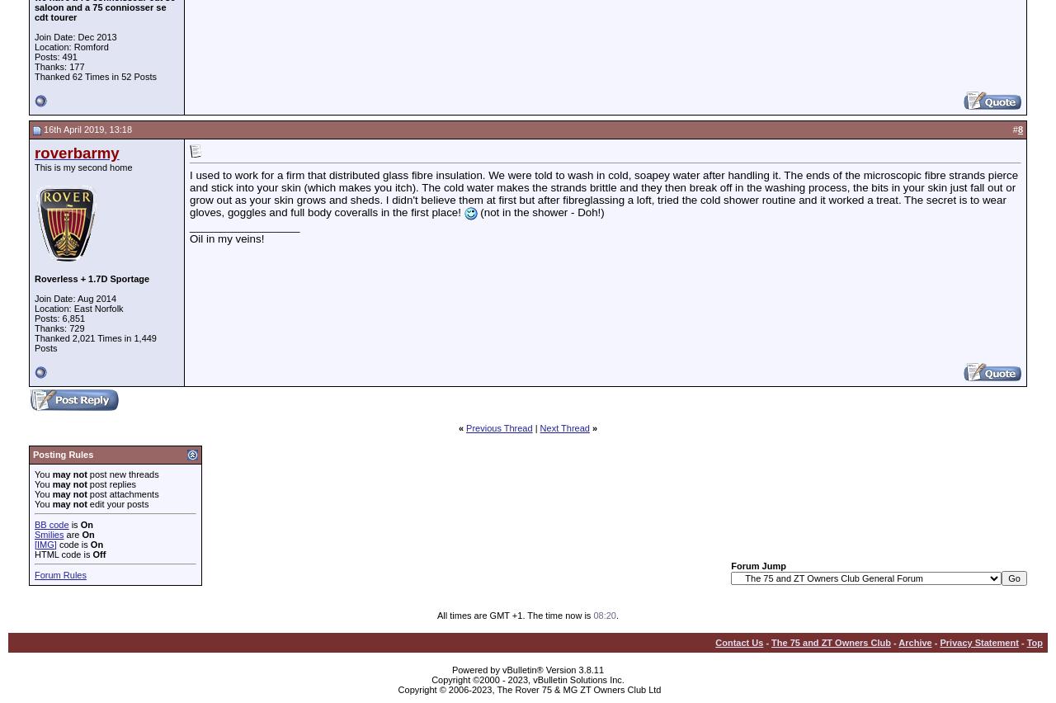  I want to click on 'Forum Rules', so click(59, 573).